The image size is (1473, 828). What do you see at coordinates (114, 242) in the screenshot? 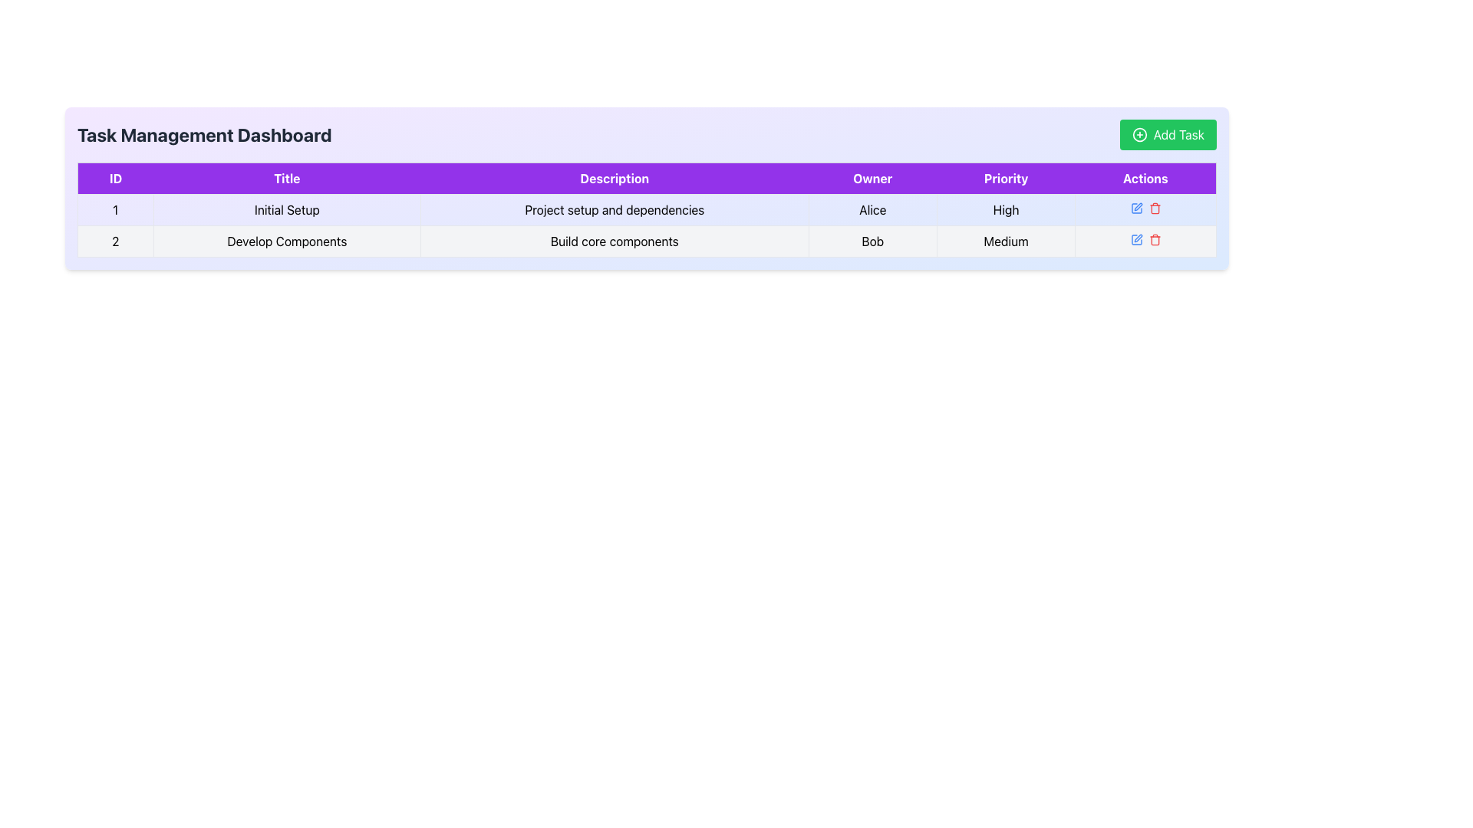
I see `the Text Label that identifies the task's order in the first column of the second row of the table, adjacent to 'Develop Components' and 'Build core components'` at bounding box center [114, 242].